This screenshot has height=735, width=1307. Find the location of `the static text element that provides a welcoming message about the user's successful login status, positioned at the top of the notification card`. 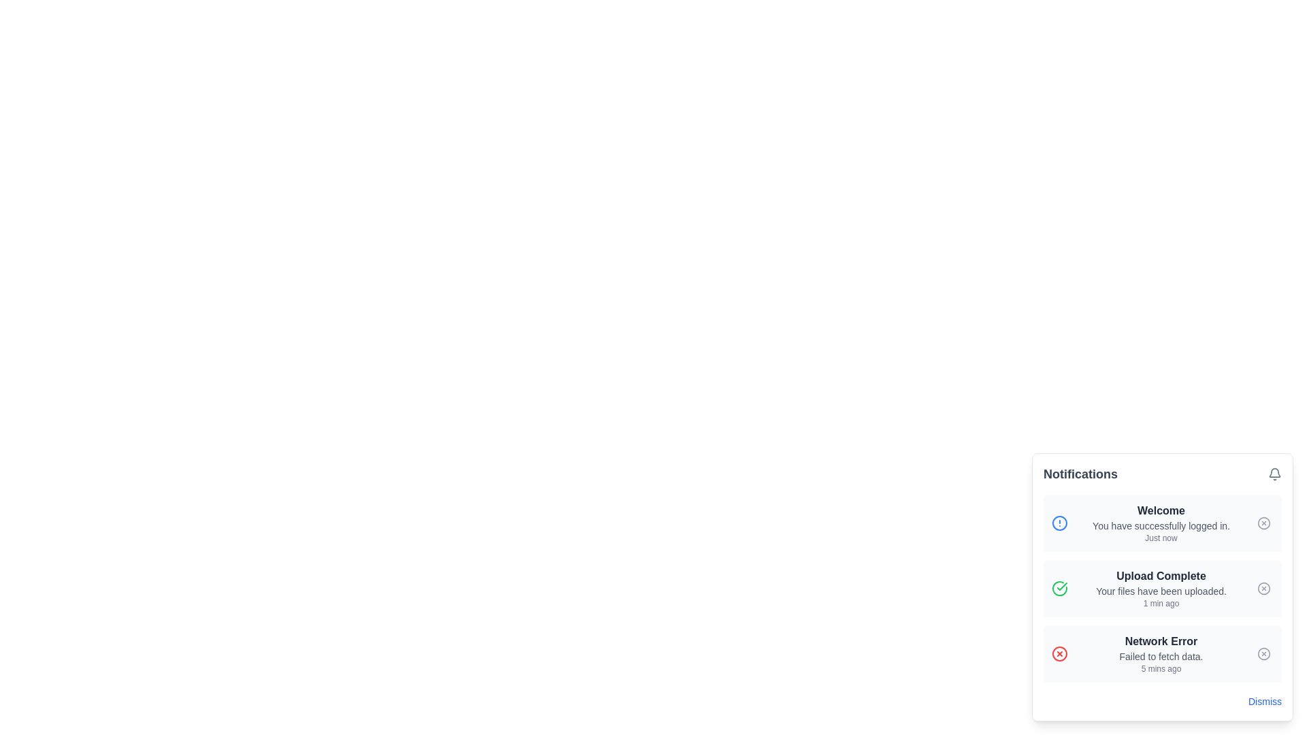

the static text element that provides a welcoming message about the user's successful login status, positioned at the top of the notification card is located at coordinates (1160, 511).